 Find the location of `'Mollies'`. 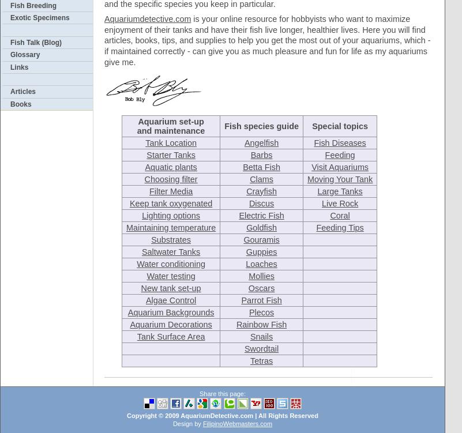

'Mollies' is located at coordinates (261, 276).